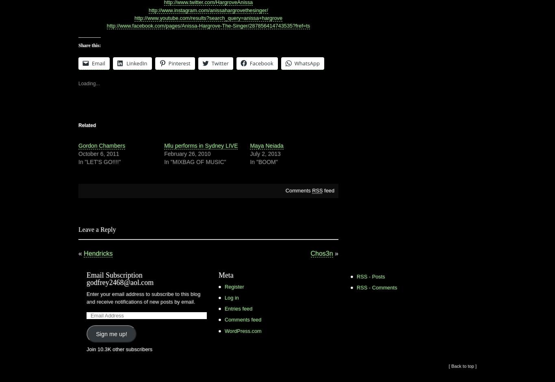 Image resolution: width=555 pixels, height=382 pixels. What do you see at coordinates (208, 25) in the screenshot?
I see `'http://www.facebook.com/pages/Anissa-Hargrove-The-Singer/287856414743535?fref=ts'` at bounding box center [208, 25].